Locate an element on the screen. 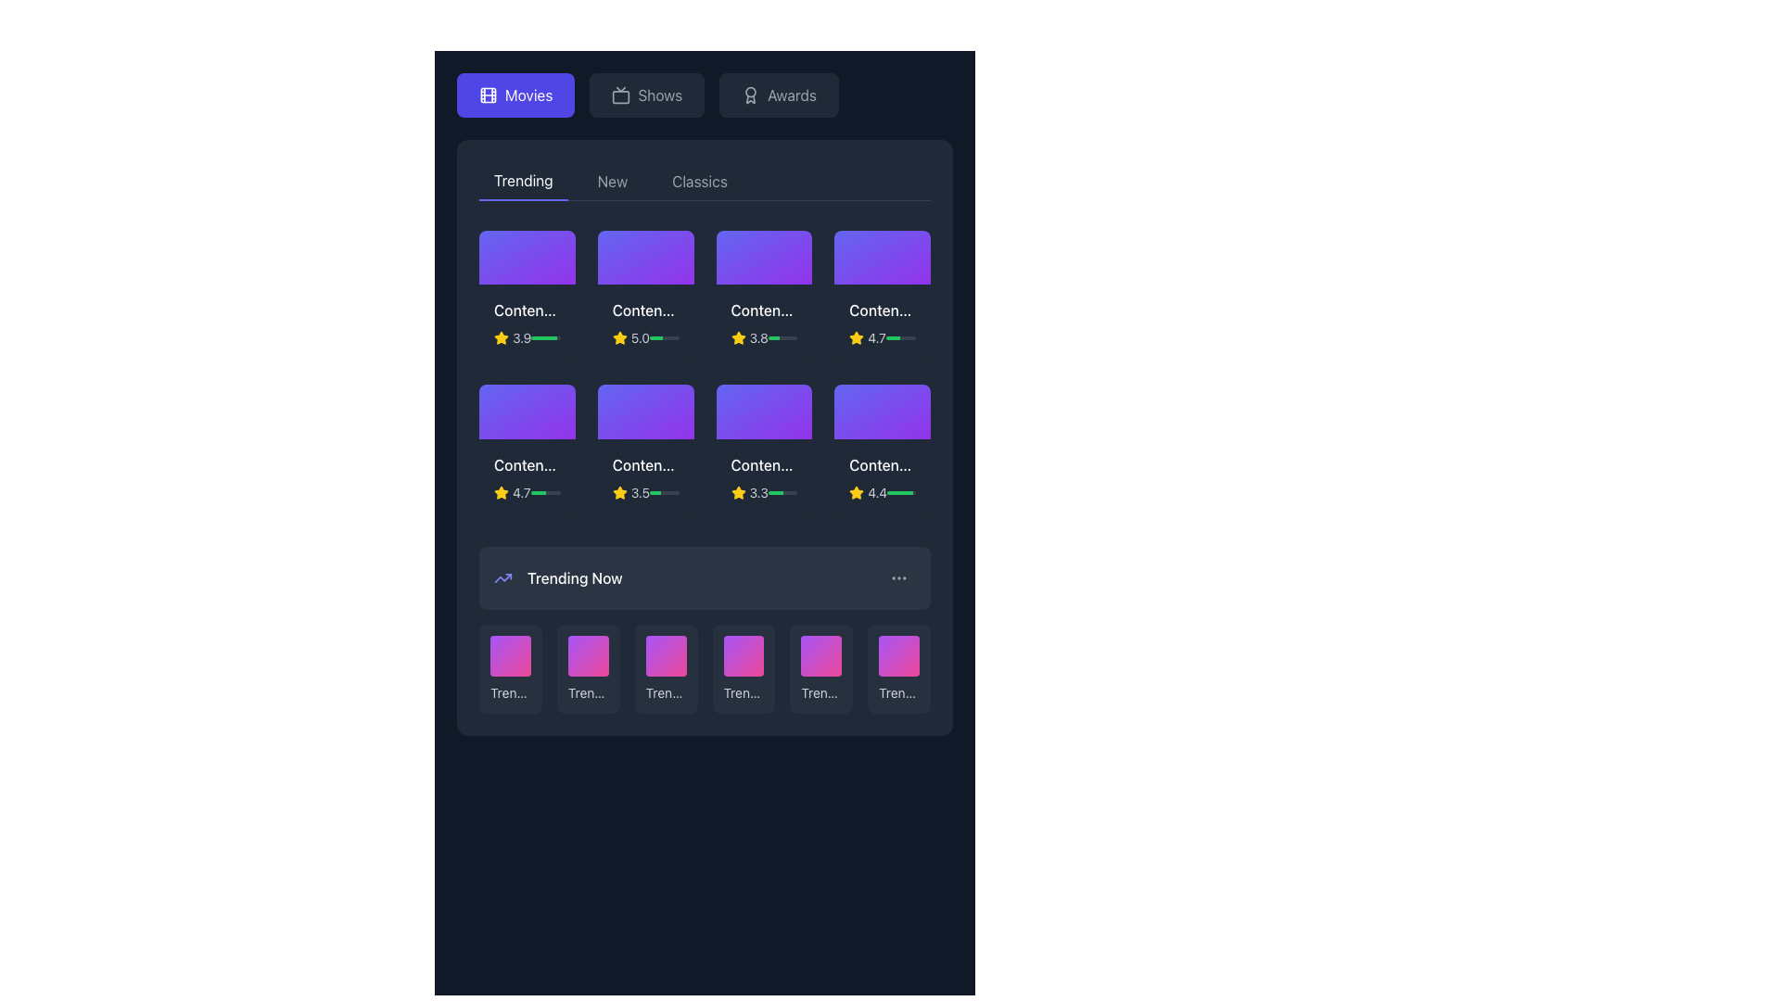 Image resolution: width=1780 pixels, height=1001 pixels. the progress bar of the Rating component located below the title 'Content Title 5', which displays a rating of 4.7 is located at coordinates (526, 491).